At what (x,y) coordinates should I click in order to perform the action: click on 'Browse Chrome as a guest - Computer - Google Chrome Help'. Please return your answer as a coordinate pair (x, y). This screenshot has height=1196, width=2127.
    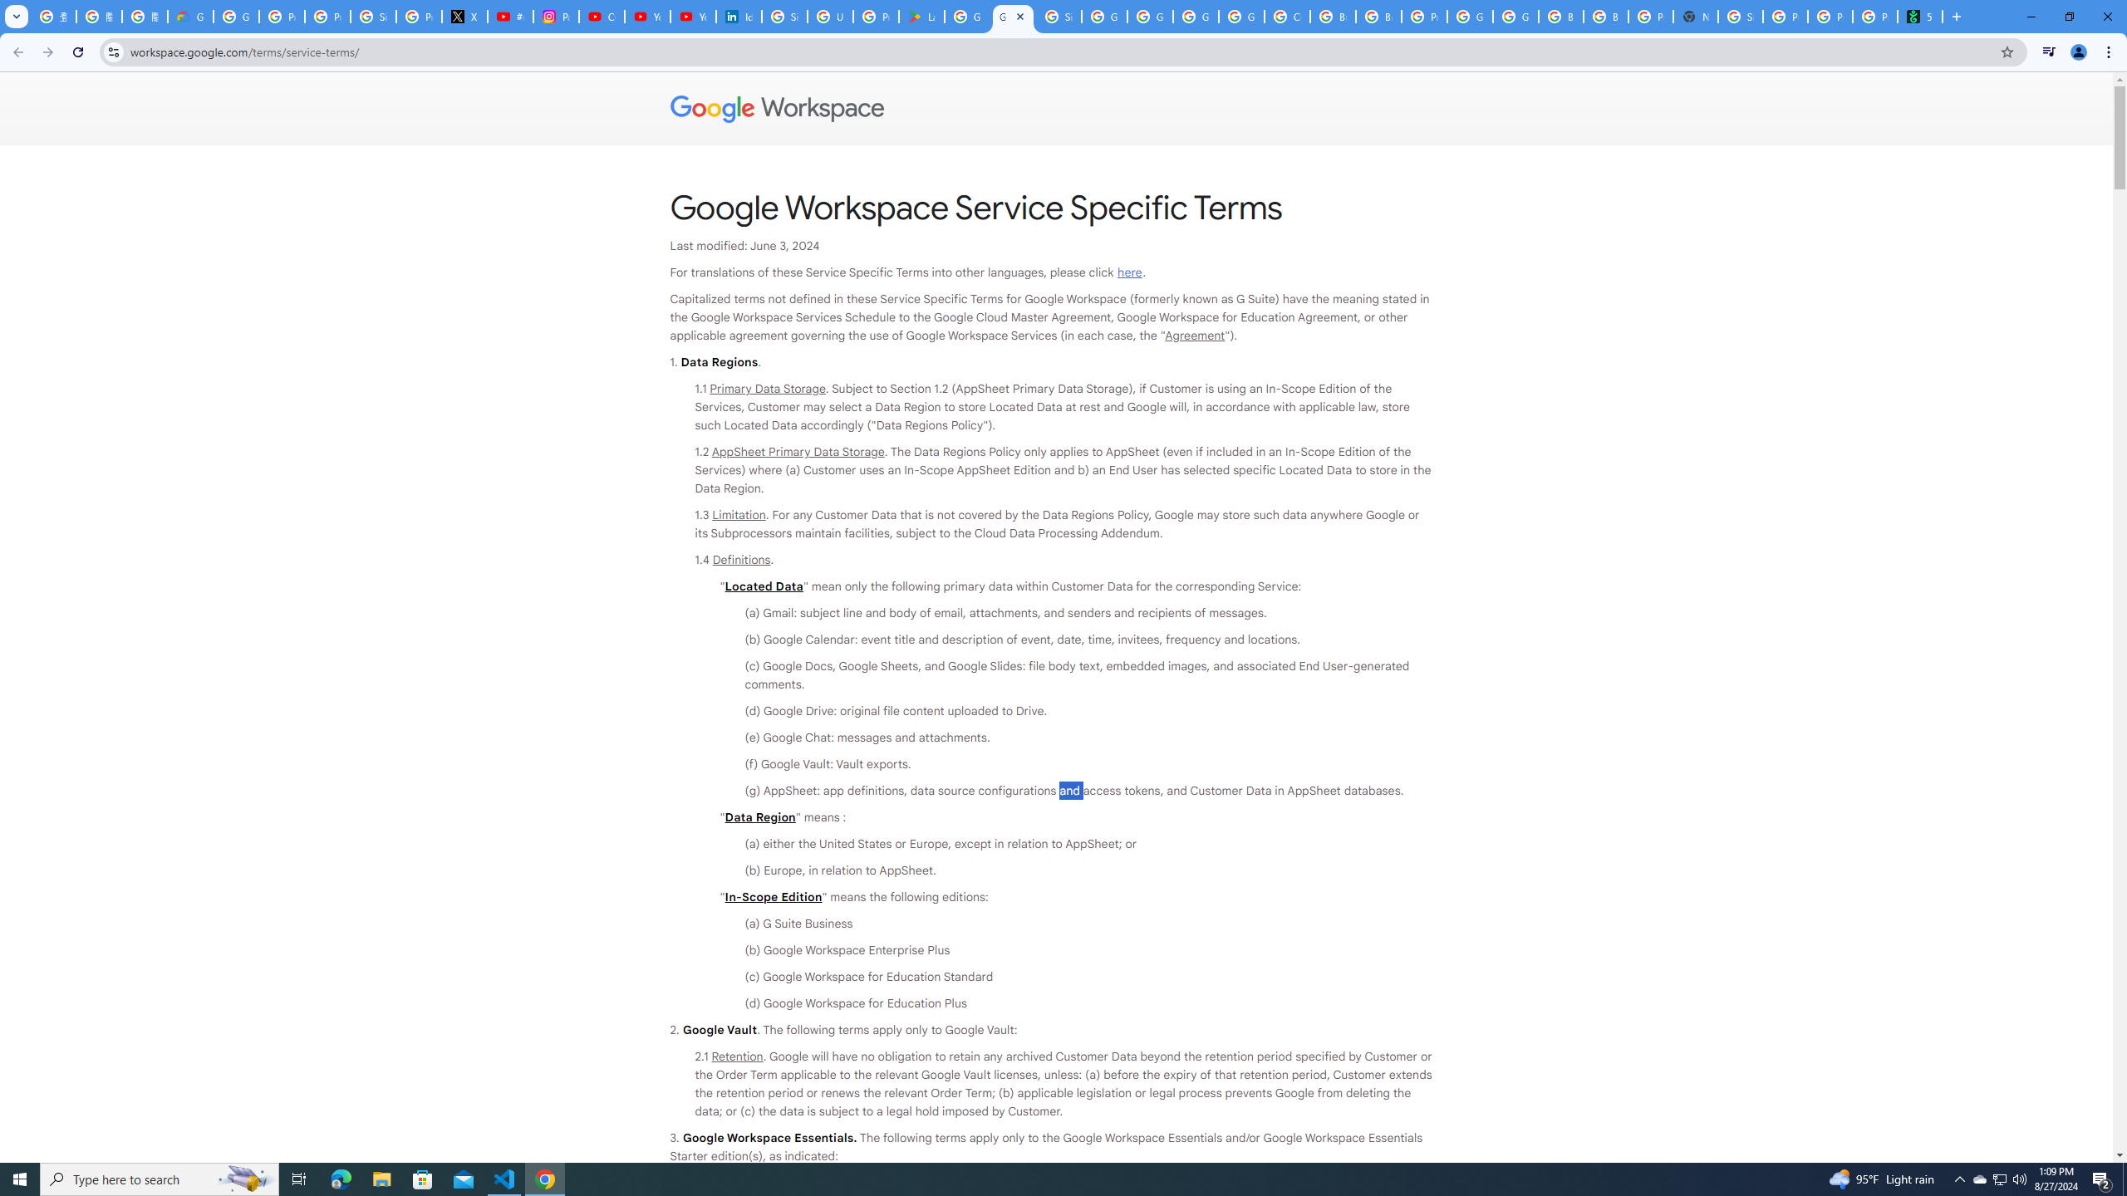
    Looking at the image, I should click on (1561, 16).